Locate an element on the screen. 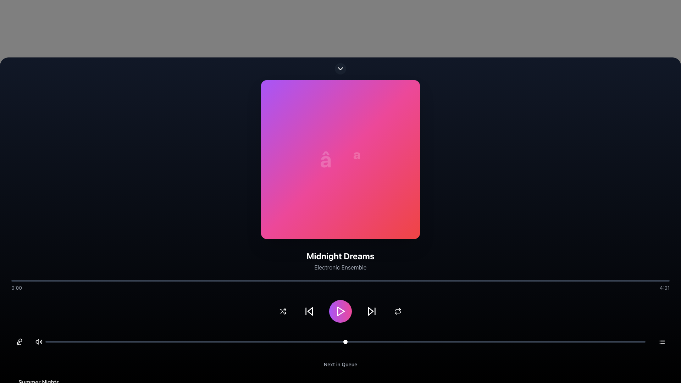 The image size is (681, 383). the slider value is located at coordinates (165, 342).